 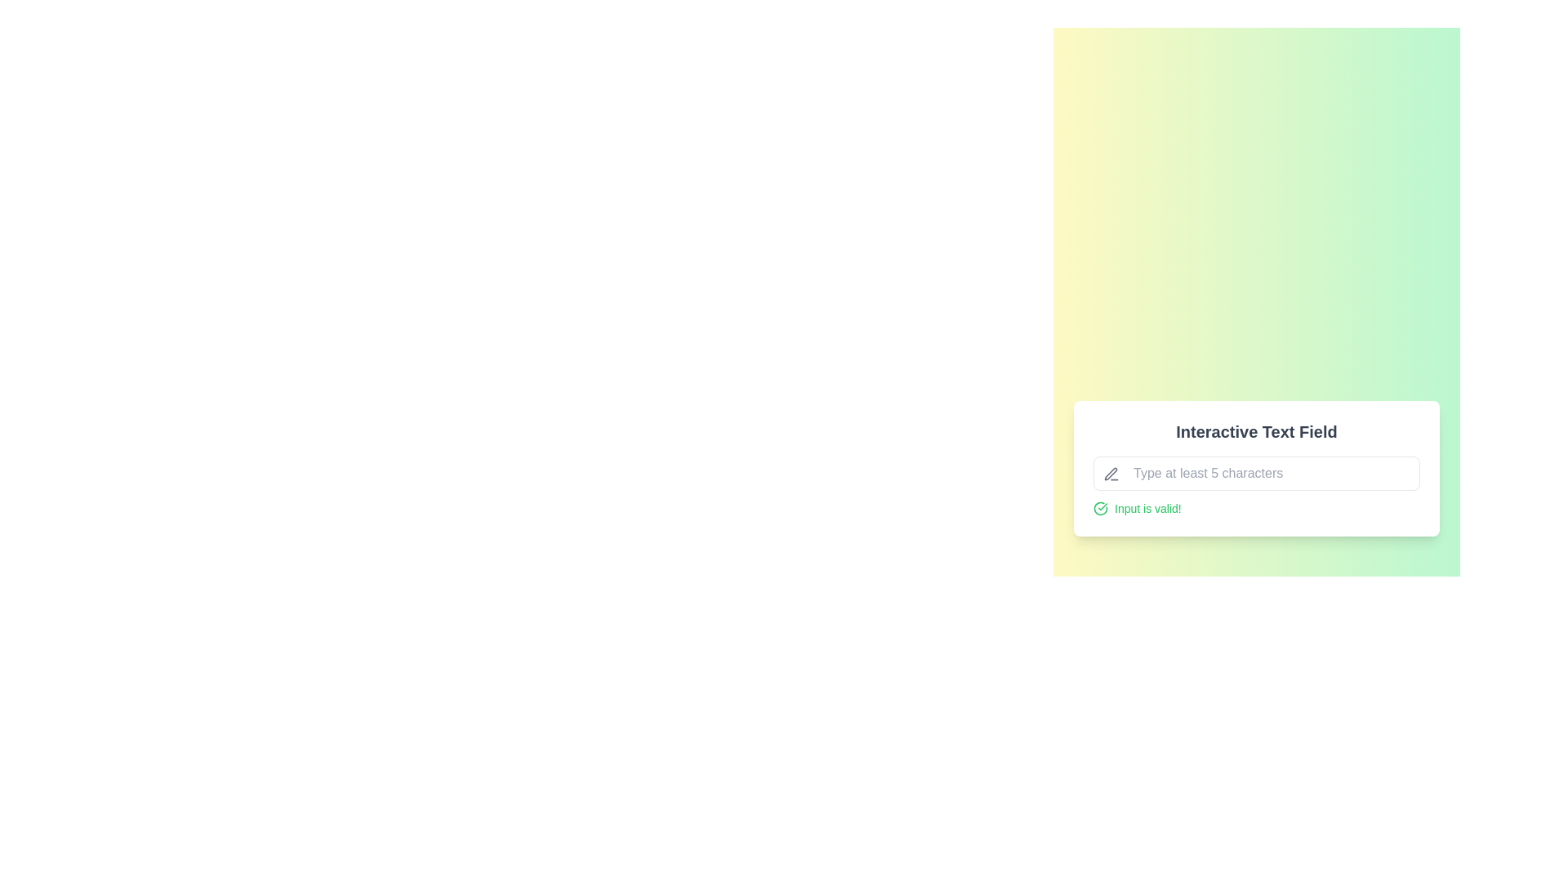 I want to click on the validation status by focusing on the confirmation icon located to the left of the 'Input is valid!' text within the notification message group, so click(x=1101, y=508).